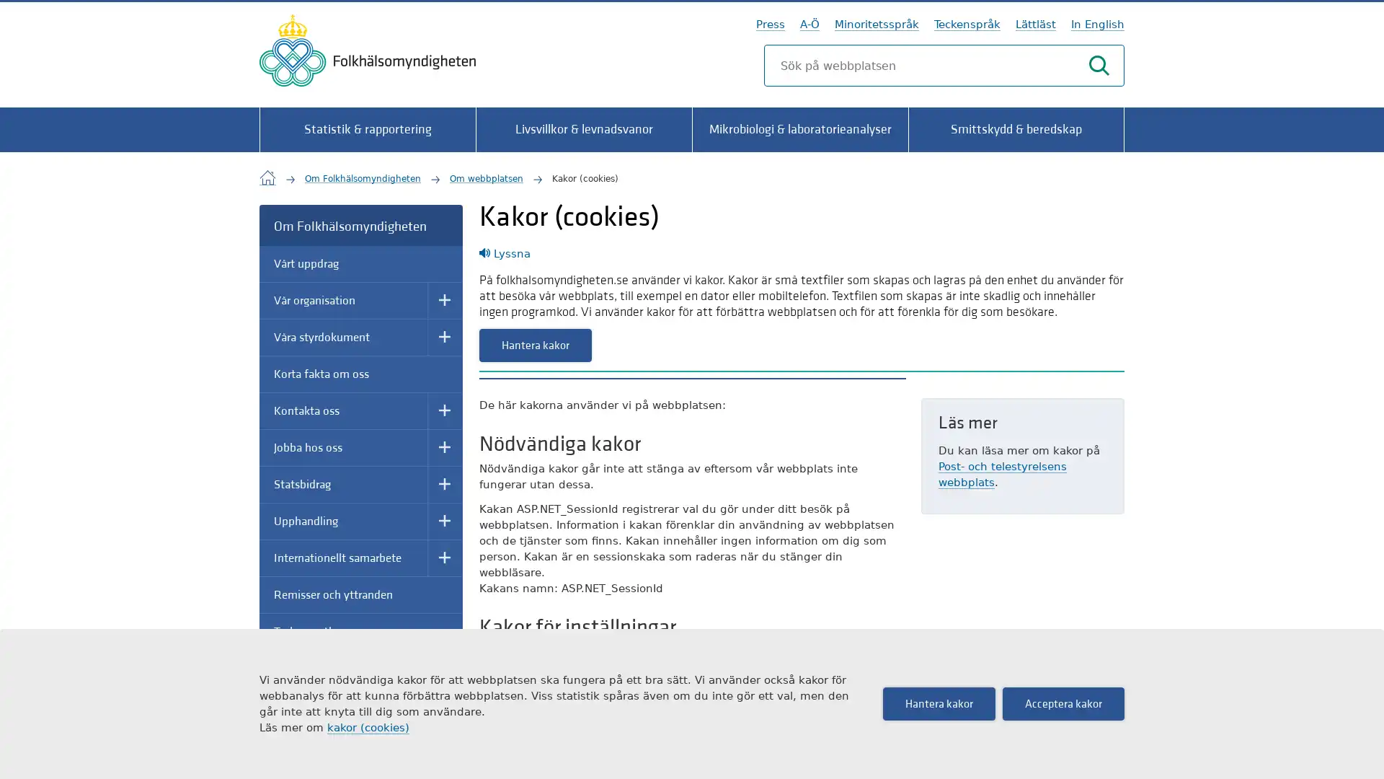 The image size is (1384, 779). Describe the element at coordinates (444, 411) in the screenshot. I see `Expandera` at that location.